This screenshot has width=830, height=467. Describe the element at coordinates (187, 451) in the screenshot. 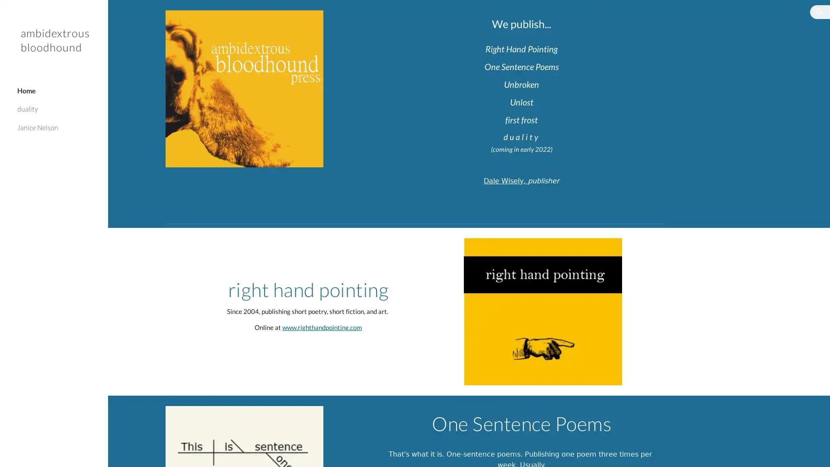

I see `Report abuse` at that location.